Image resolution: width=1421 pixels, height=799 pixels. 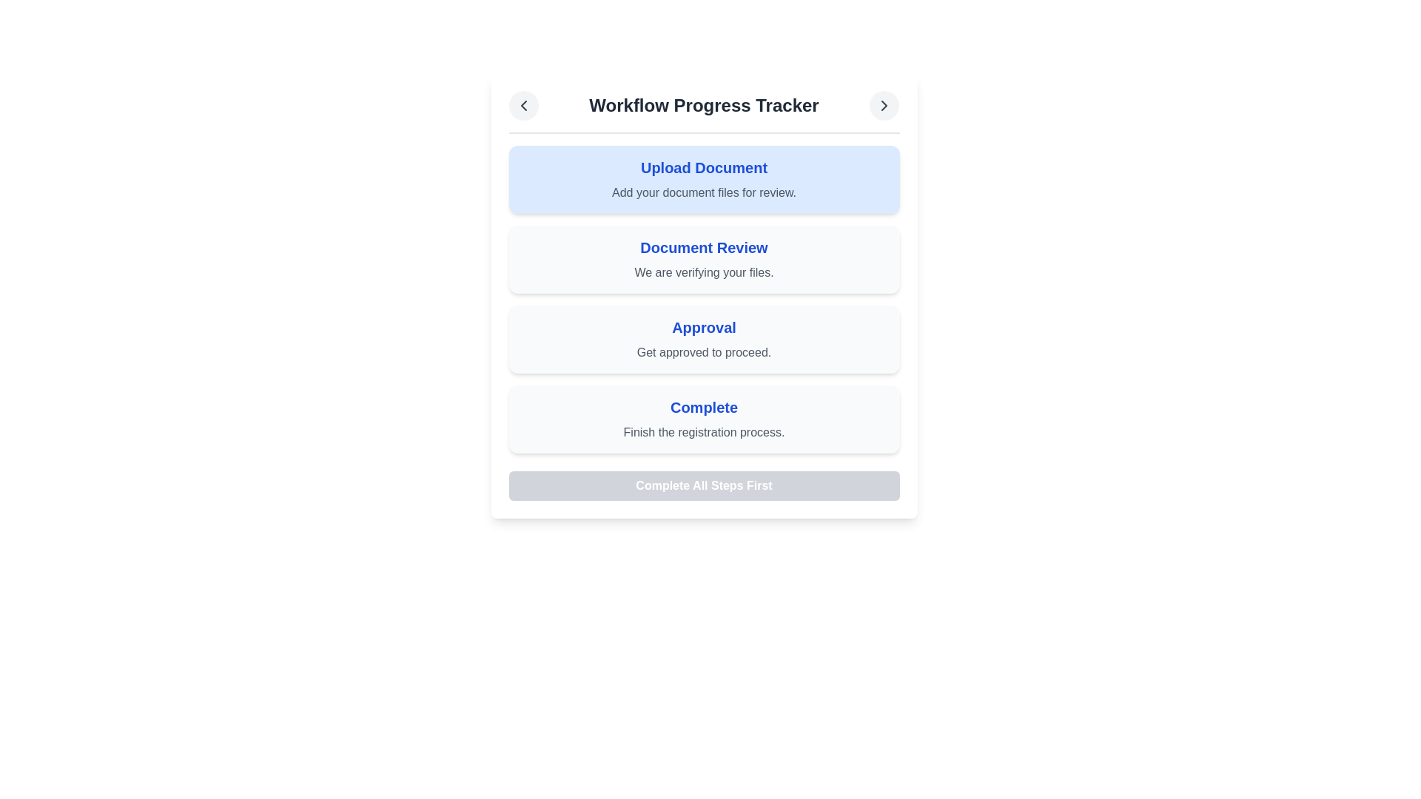 What do you see at coordinates (703, 353) in the screenshot?
I see `the static text label that reads 'Get approved to proceed.' located below the title 'Approval' in the workflow tracker interface` at bounding box center [703, 353].